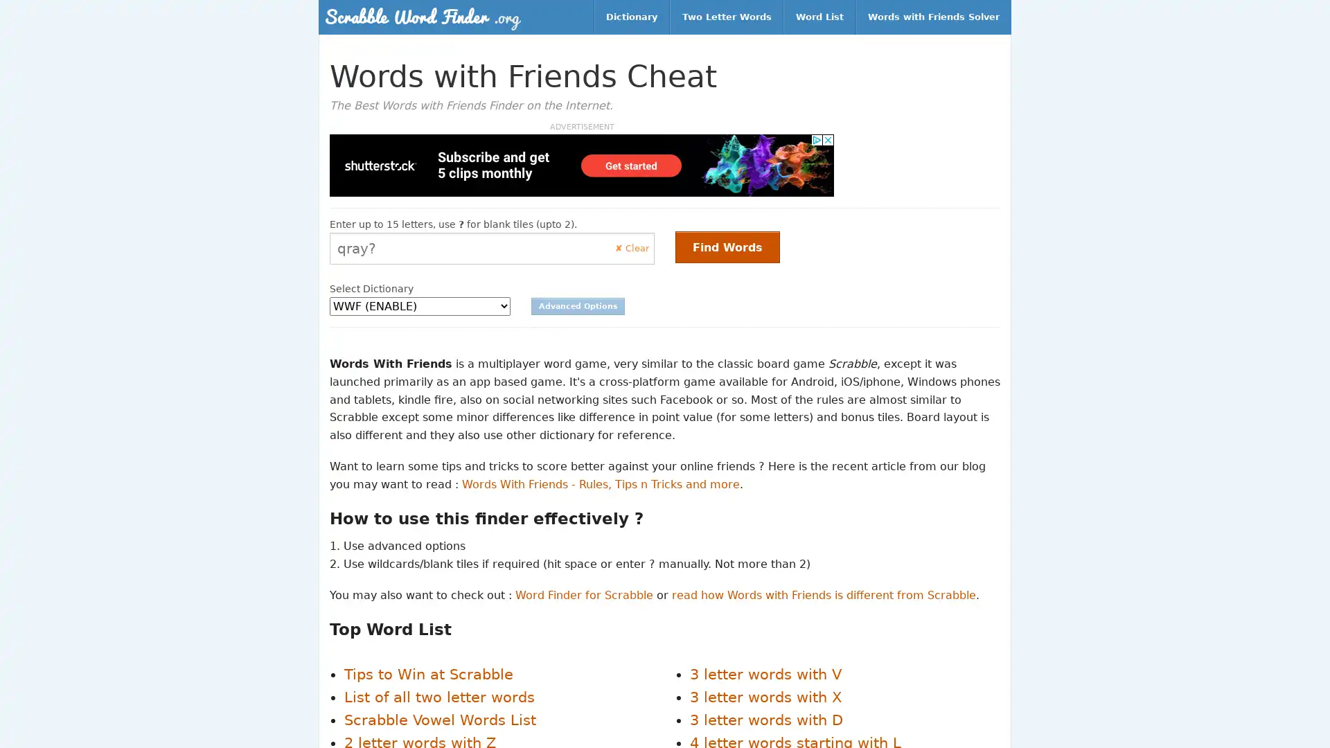  I want to click on Find Words, so click(727, 247).